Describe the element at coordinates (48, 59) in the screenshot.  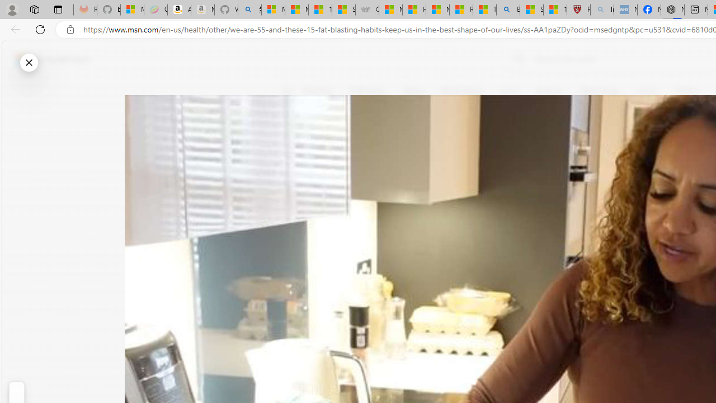
I see `'Skip to content'` at that location.